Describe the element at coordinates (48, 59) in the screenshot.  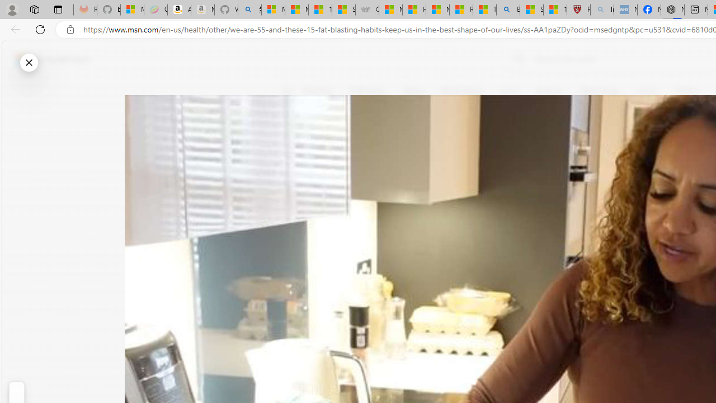
I see `'Skip to content'` at that location.